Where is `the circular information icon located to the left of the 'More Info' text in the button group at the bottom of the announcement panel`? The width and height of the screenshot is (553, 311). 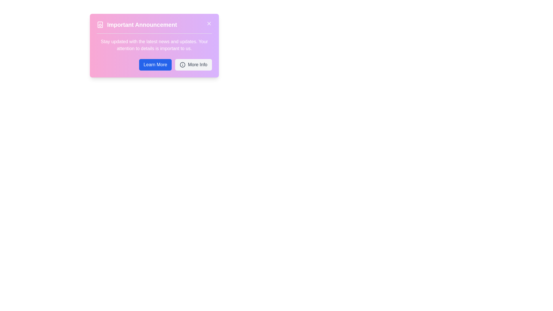 the circular information icon located to the left of the 'More Info' text in the button group at the bottom of the announcement panel is located at coordinates (182, 65).